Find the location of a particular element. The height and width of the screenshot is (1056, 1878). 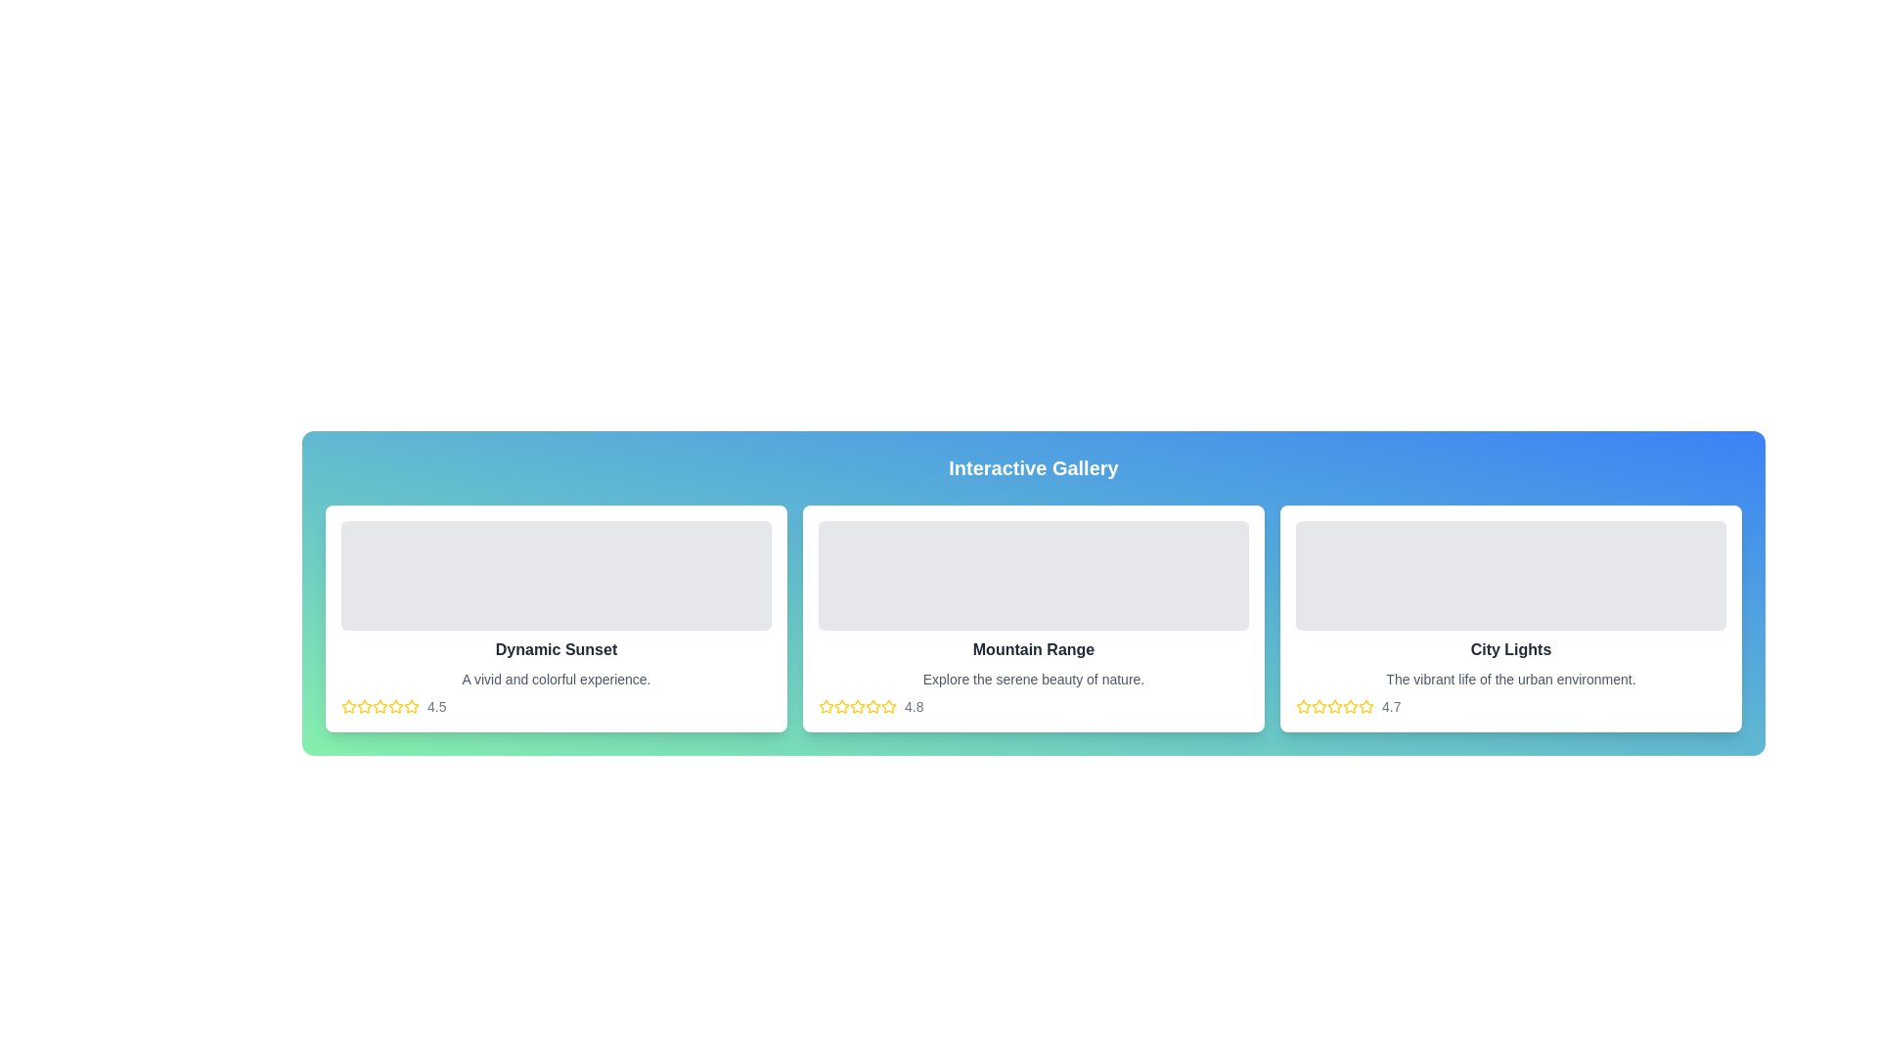

the third star icon is located at coordinates (841, 706).